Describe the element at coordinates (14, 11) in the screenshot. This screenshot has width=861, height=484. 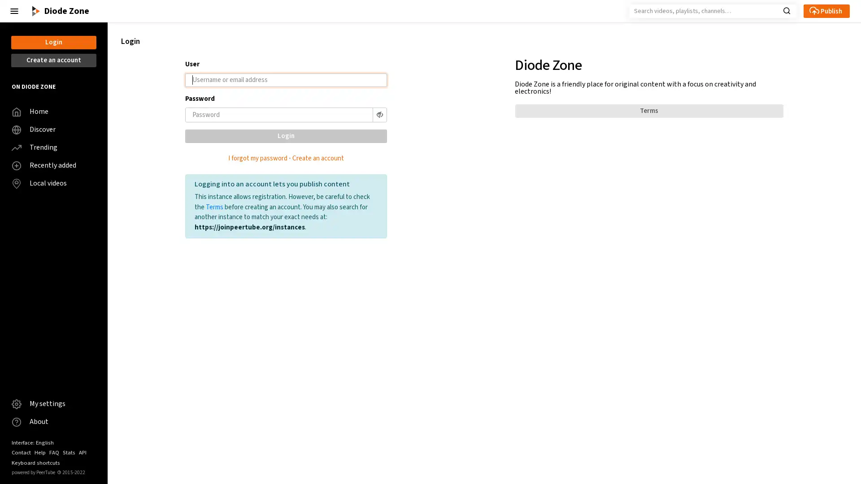
I see `Close the left menu` at that location.